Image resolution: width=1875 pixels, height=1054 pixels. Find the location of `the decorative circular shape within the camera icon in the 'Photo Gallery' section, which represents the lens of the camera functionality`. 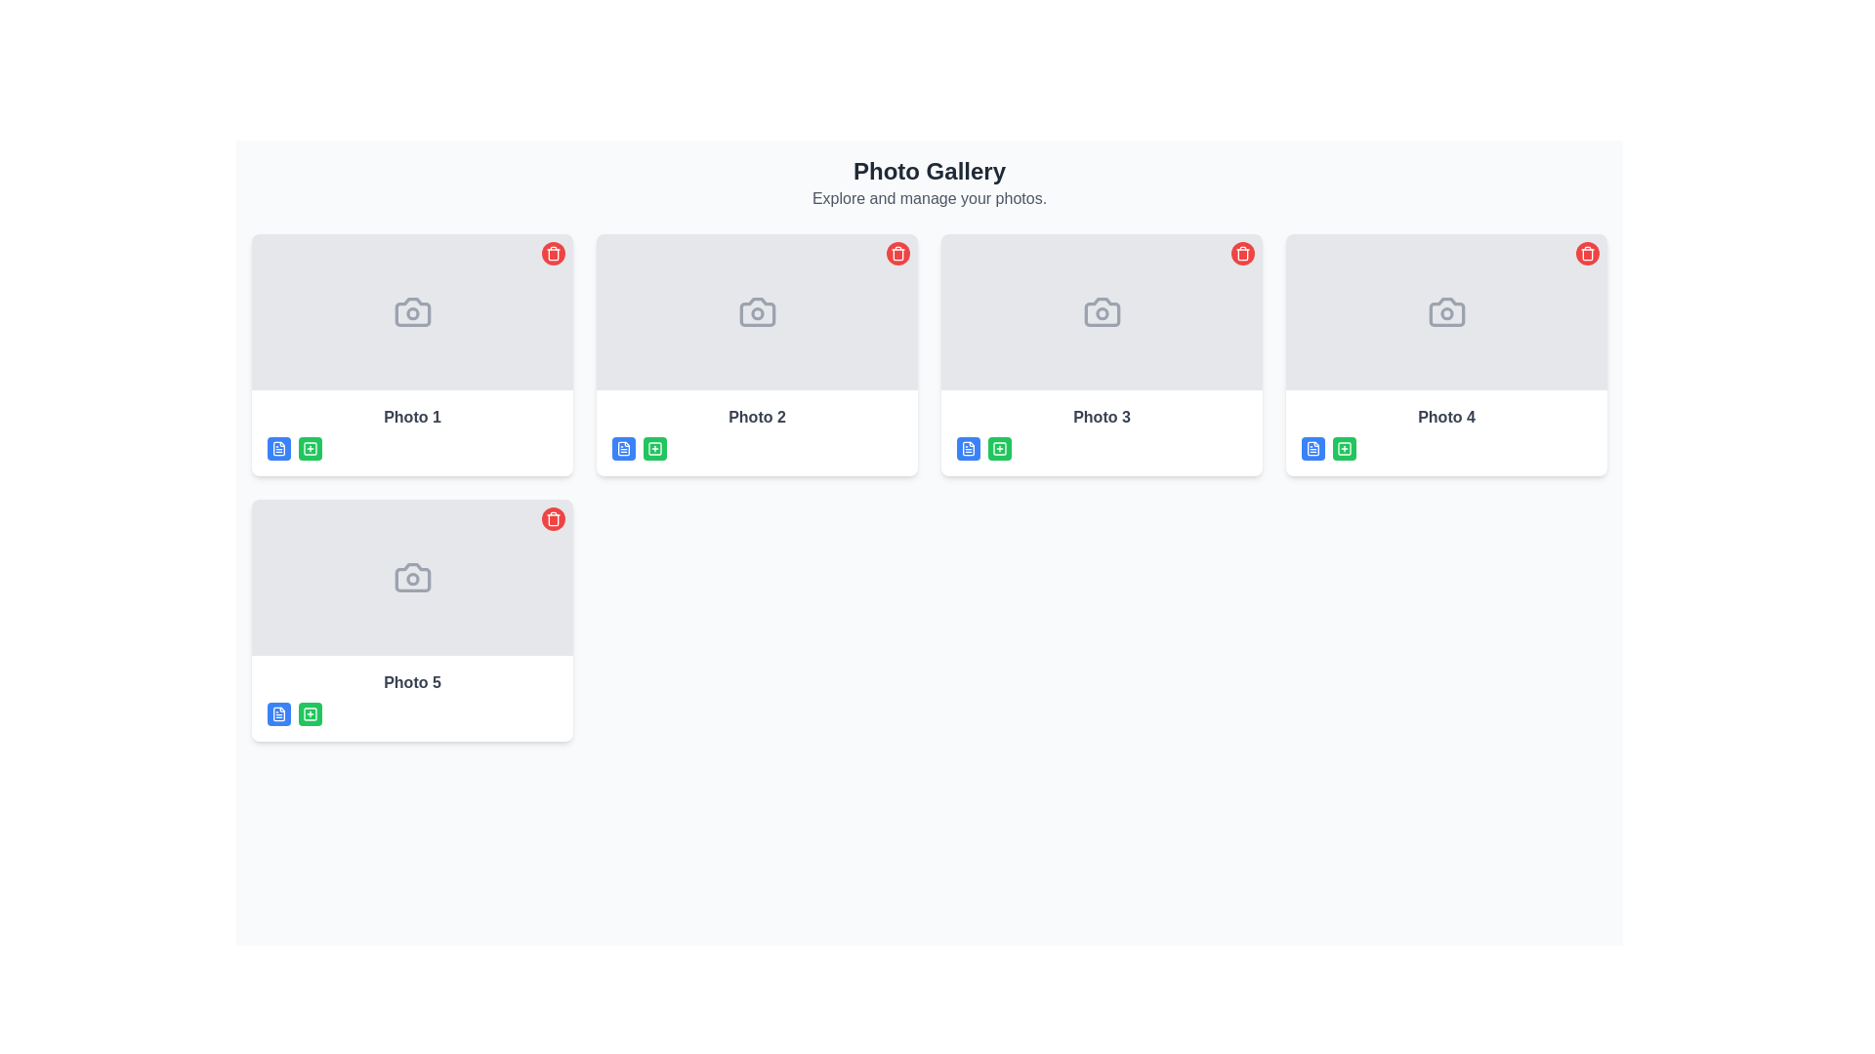

the decorative circular shape within the camera icon in the 'Photo Gallery' section, which represents the lens of the camera functionality is located at coordinates (411, 578).